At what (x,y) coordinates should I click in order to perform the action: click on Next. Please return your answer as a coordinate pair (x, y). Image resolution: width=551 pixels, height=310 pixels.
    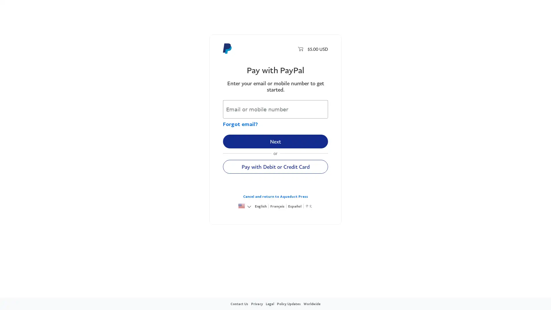
    Looking at the image, I should click on (275, 142).